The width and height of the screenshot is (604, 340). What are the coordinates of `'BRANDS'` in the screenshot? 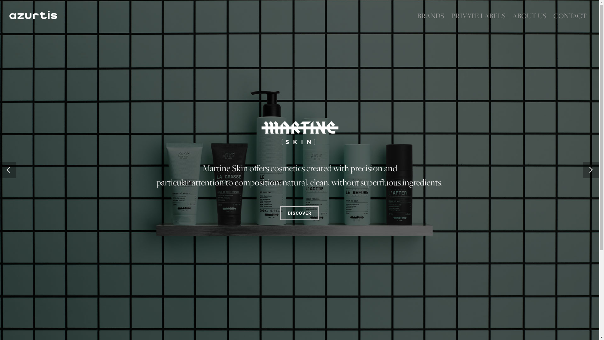 It's located at (414, 15).